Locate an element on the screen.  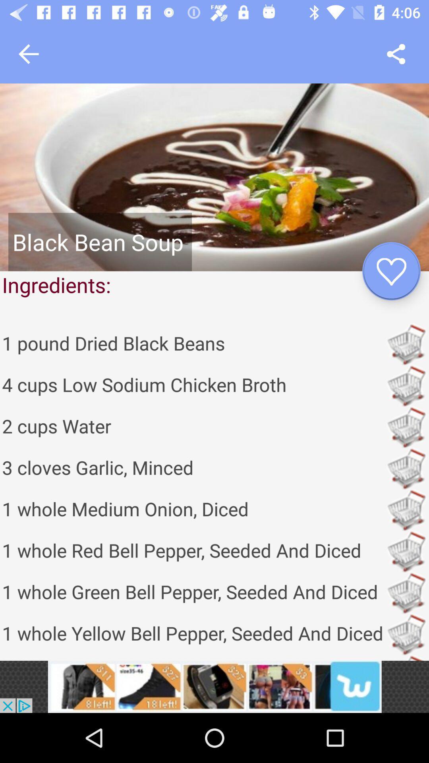
the favorite icon is located at coordinates (391, 271).